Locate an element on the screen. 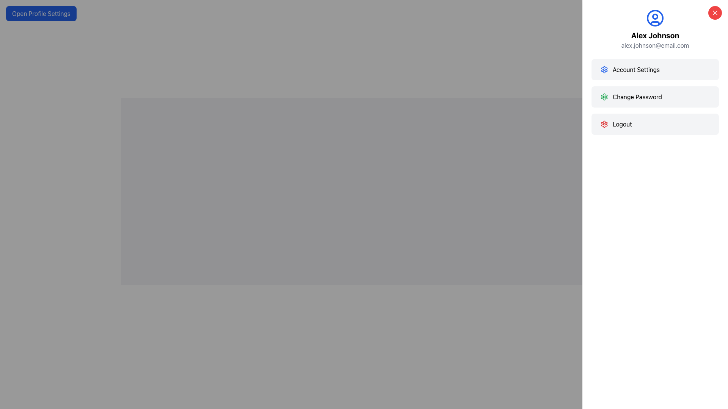 This screenshot has height=409, width=728. the SVG Circle representing the head is located at coordinates (655, 16).